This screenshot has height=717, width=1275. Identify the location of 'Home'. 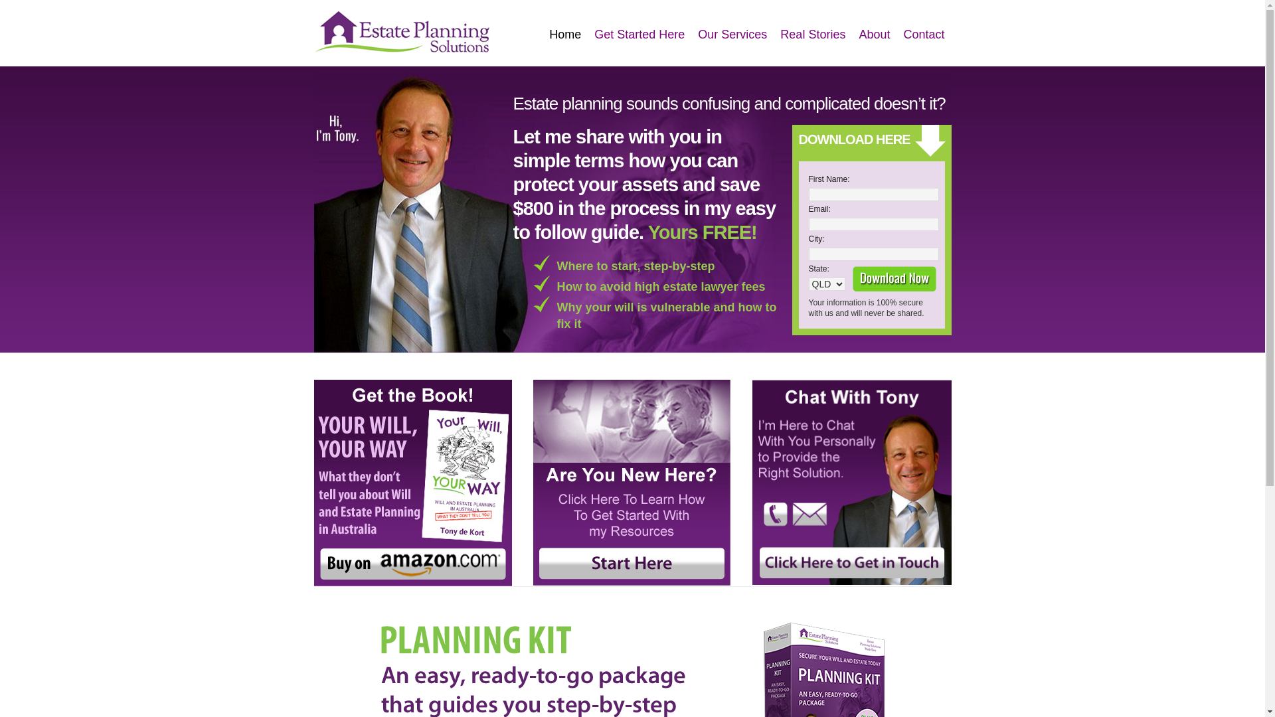
(564, 34).